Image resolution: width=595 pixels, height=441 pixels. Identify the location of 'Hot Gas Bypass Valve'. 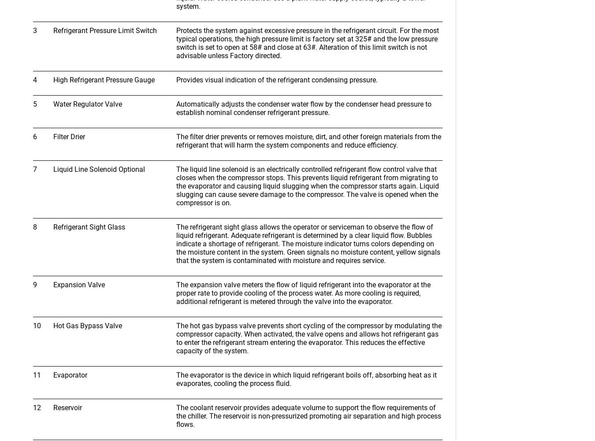
(87, 326).